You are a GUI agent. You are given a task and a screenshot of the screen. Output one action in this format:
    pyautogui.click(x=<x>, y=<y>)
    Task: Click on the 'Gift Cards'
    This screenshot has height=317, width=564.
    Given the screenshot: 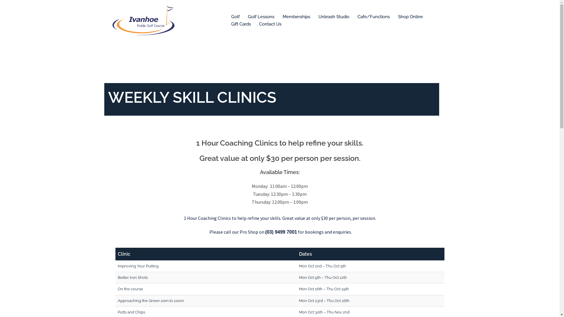 What is the action you would take?
    pyautogui.click(x=241, y=24)
    